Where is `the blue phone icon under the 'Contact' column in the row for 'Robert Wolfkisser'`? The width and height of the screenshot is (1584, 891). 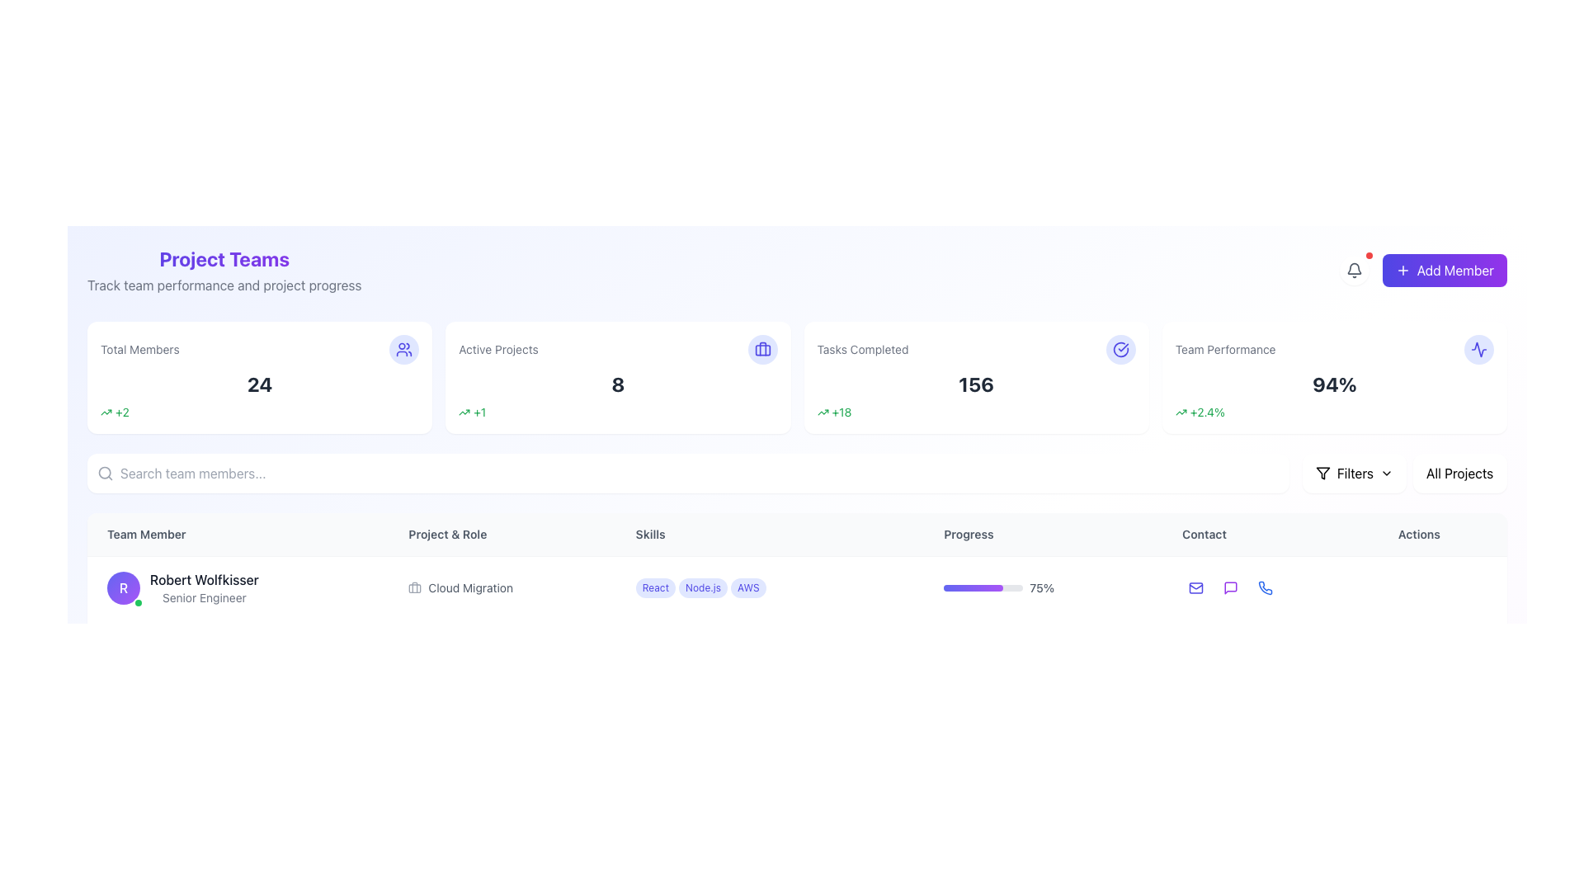
the blue phone icon under the 'Contact' column in the row for 'Robert Wolfkisser' is located at coordinates (1265, 587).